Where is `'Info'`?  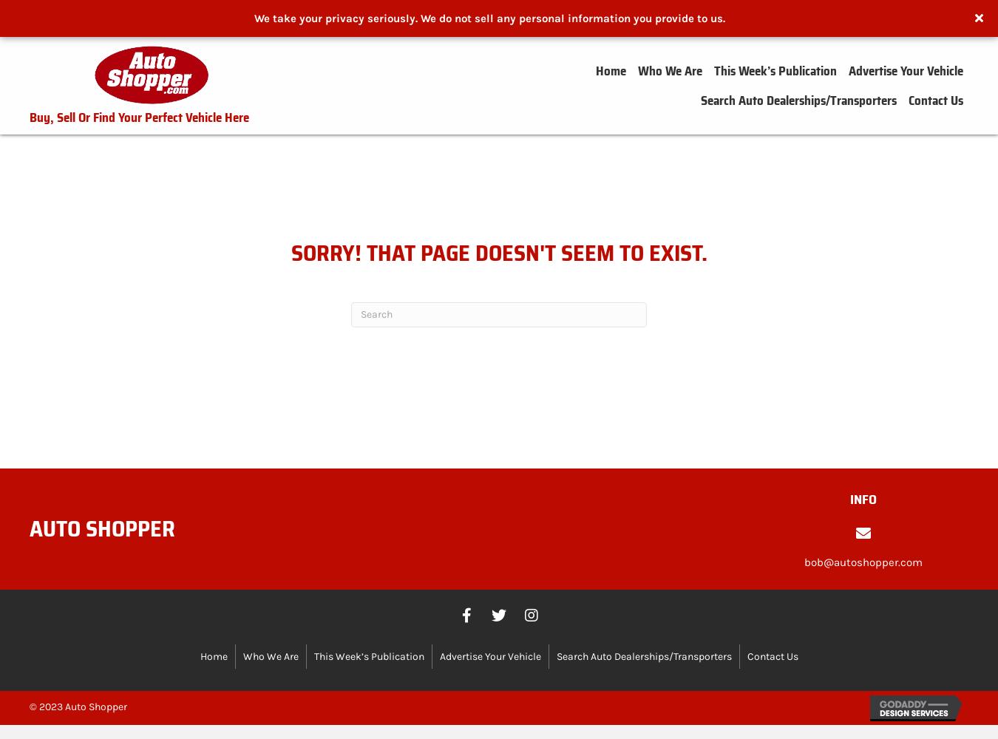
'Info' is located at coordinates (863, 499).